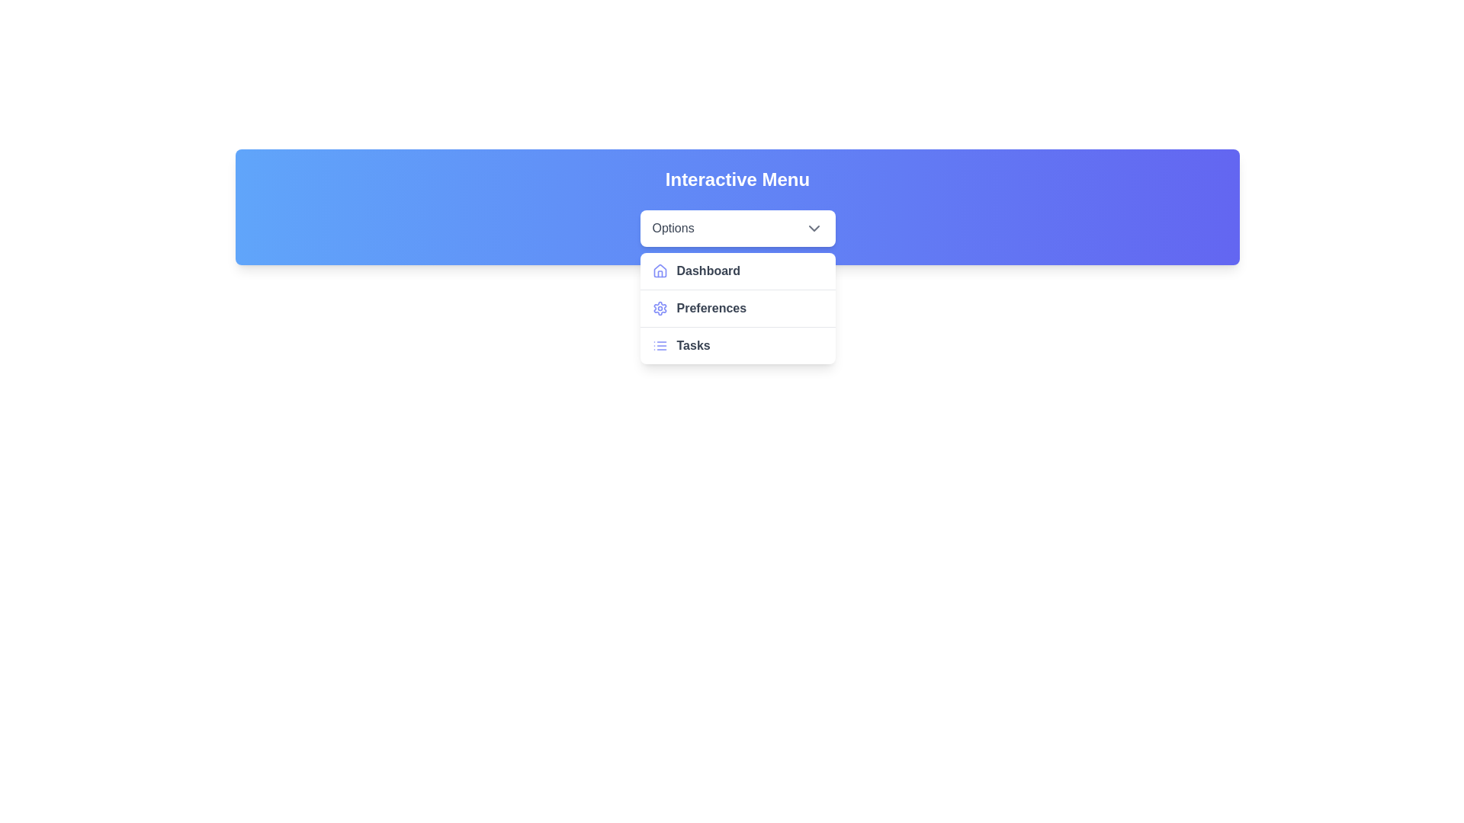  I want to click on the bulleted list icon styled in indigo, positioned to the left of the 'Tasks' text, so click(660, 346).